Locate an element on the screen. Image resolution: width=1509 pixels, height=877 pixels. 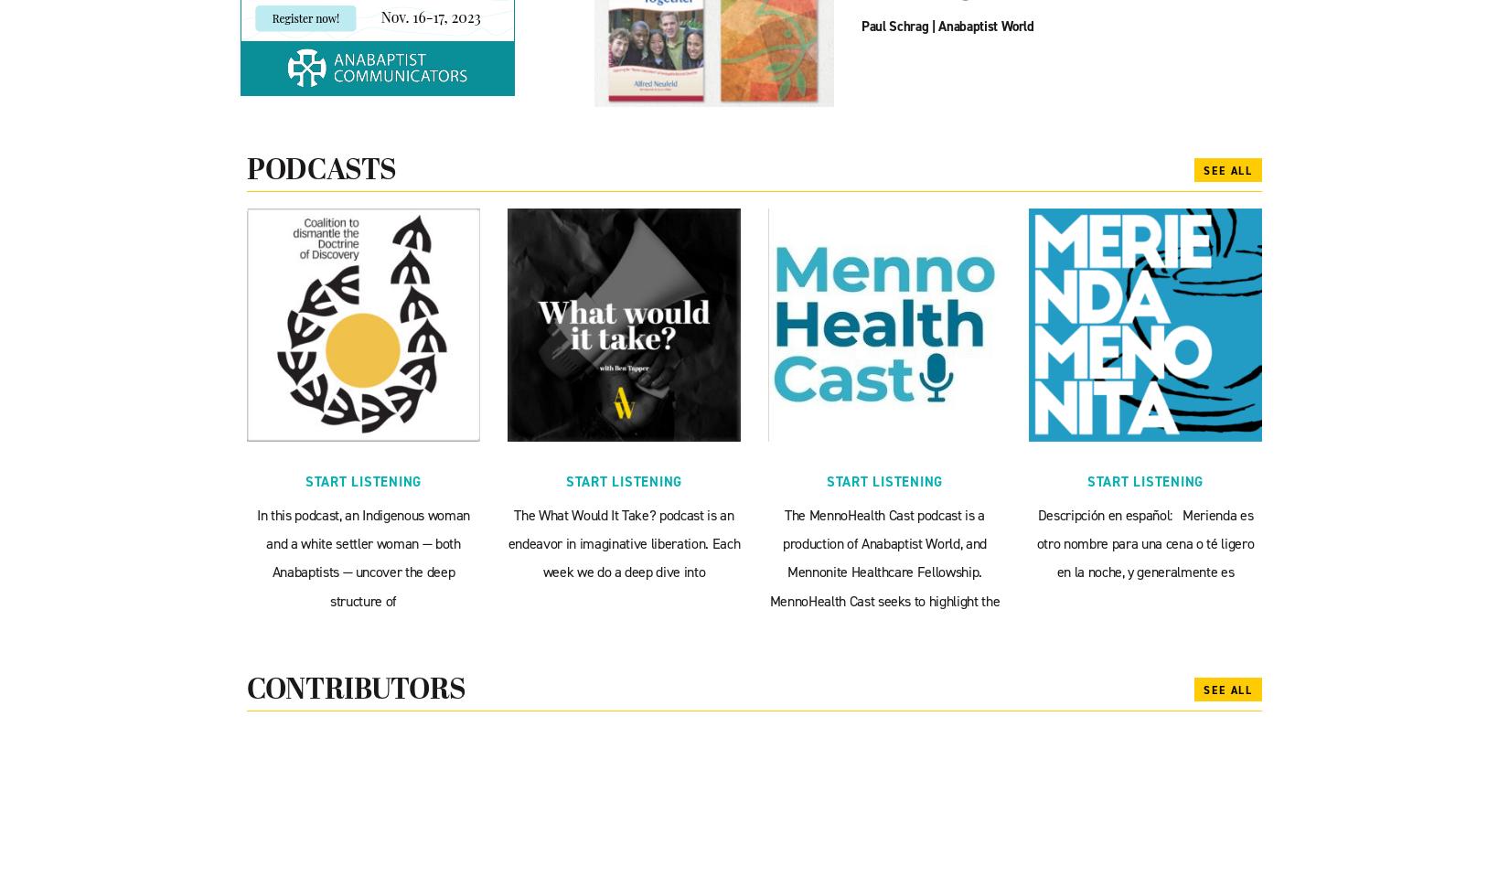
'In this podcast, an Indigenous woman and a white settler woman — both Anabaptists — uncover the deep structure of' is located at coordinates (362, 557).